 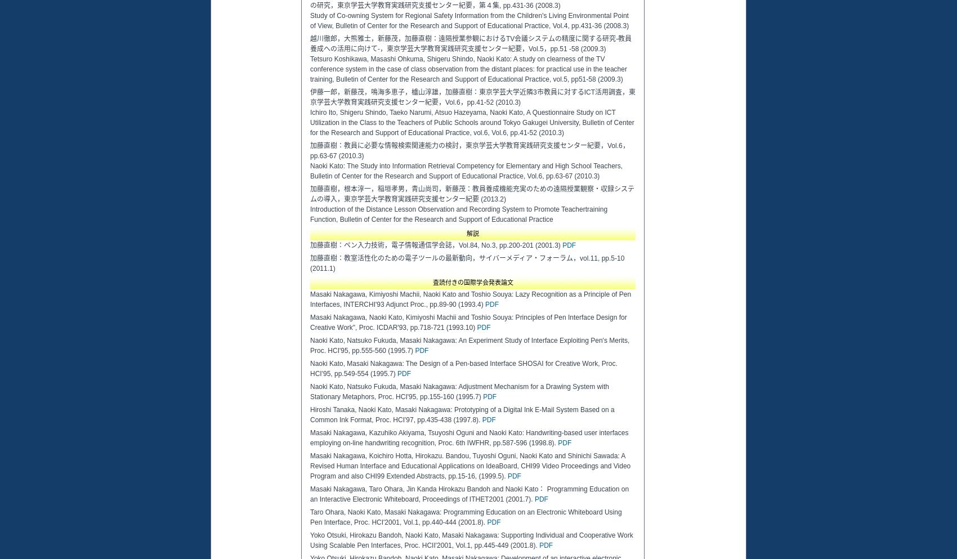 I want to click on 'Masaki Nakagawa, Naoki Kato, Kimiyoshi Machii and Toshio Souya: Principles of Pen Interface Design for Creative Work", Proc. ICDAR'93, pp.718-721 (1993.10)', so click(x=309, y=321).